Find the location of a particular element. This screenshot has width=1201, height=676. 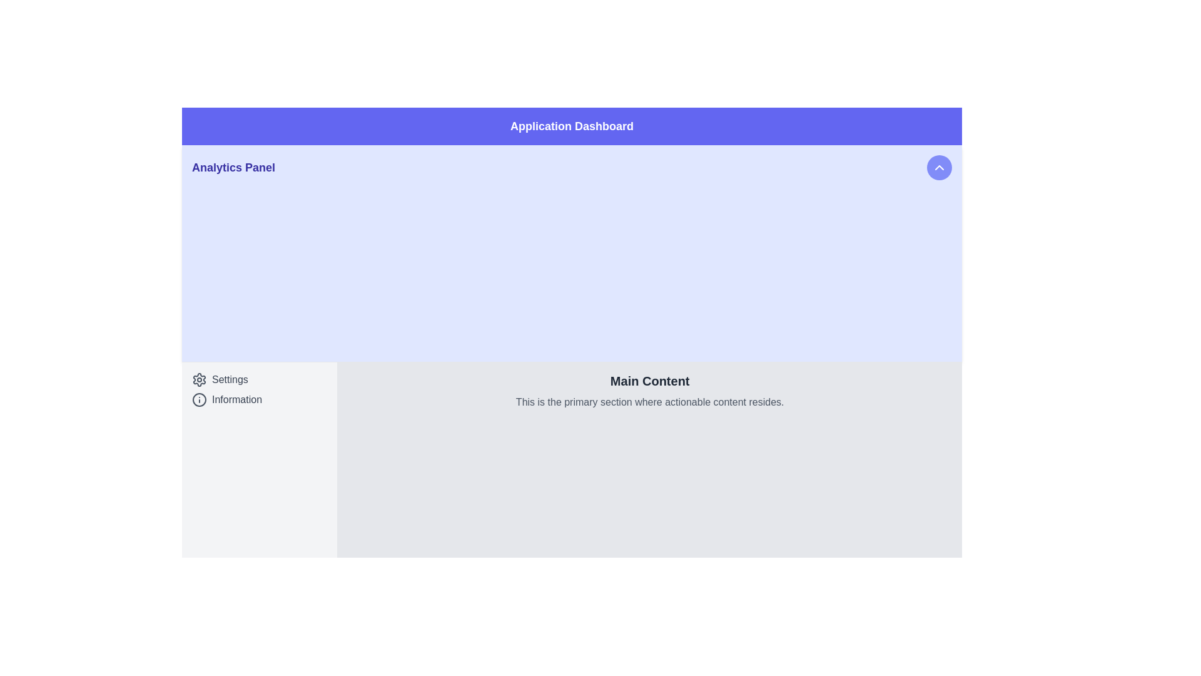

the gear-shaped dark gray icon located next to the 'Settings' text label in the sidebar is located at coordinates (198, 378).